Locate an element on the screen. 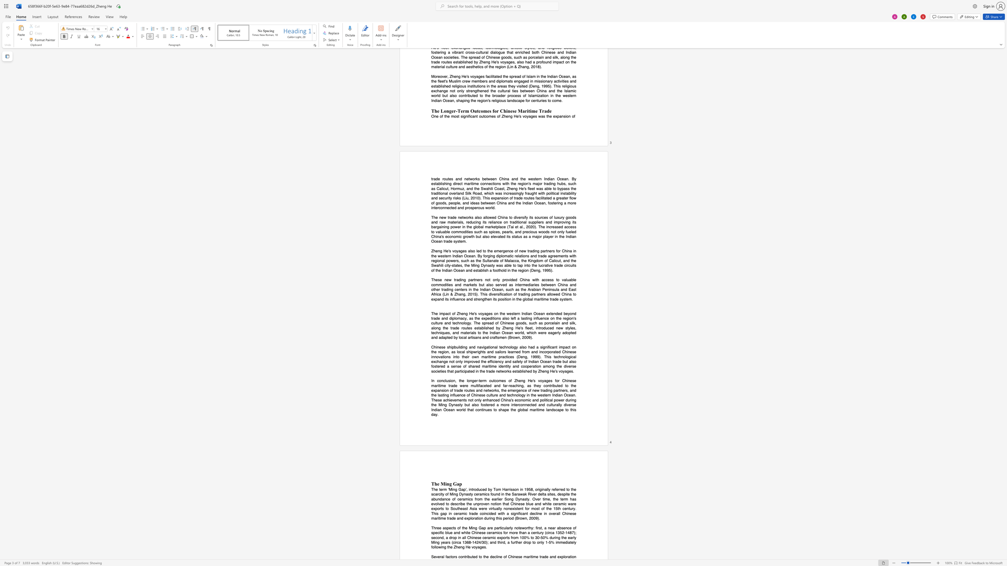 This screenshot has width=1007, height=566. the subset text "n Ocean. These achievements not only enhanced China" within the text "In conclusion, the longer-term outcomes of Zheng He" is located at coordinates (561, 395).